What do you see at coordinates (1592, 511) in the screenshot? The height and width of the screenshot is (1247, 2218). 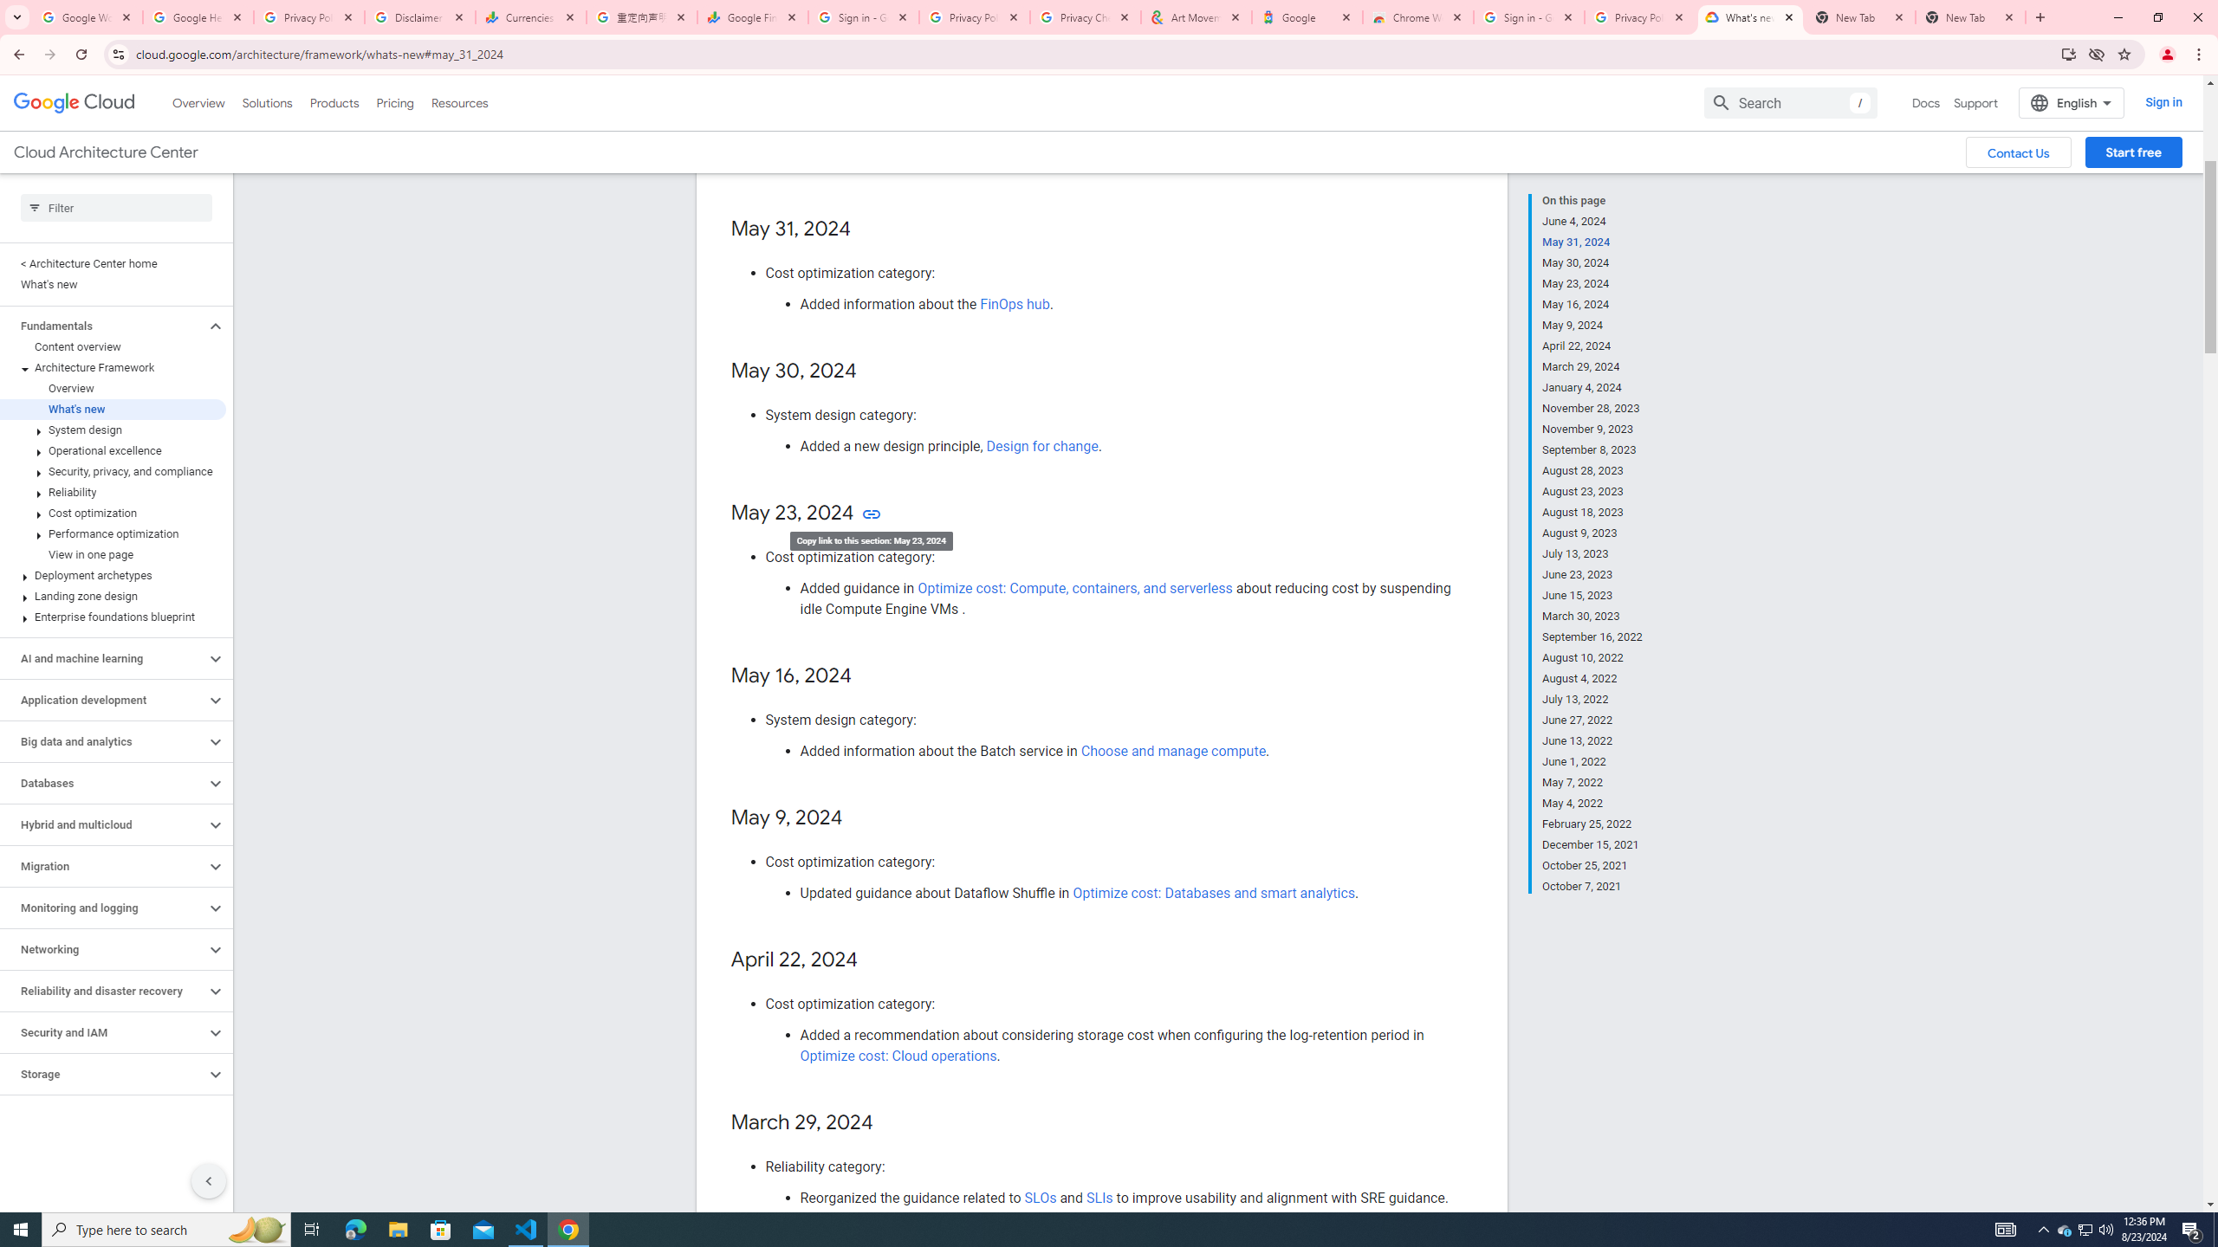 I see `'August 18, 2023'` at bounding box center [1592, 511].